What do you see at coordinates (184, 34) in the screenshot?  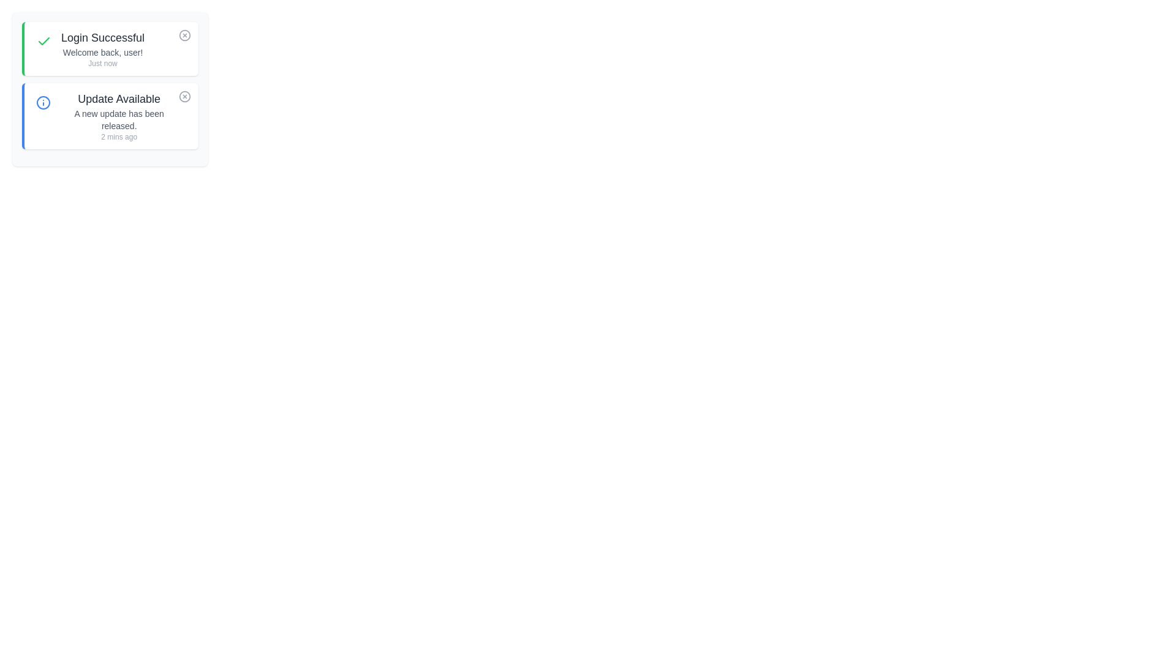 I see `the outlined circle element within the icon` at bounding box center [184, 34].